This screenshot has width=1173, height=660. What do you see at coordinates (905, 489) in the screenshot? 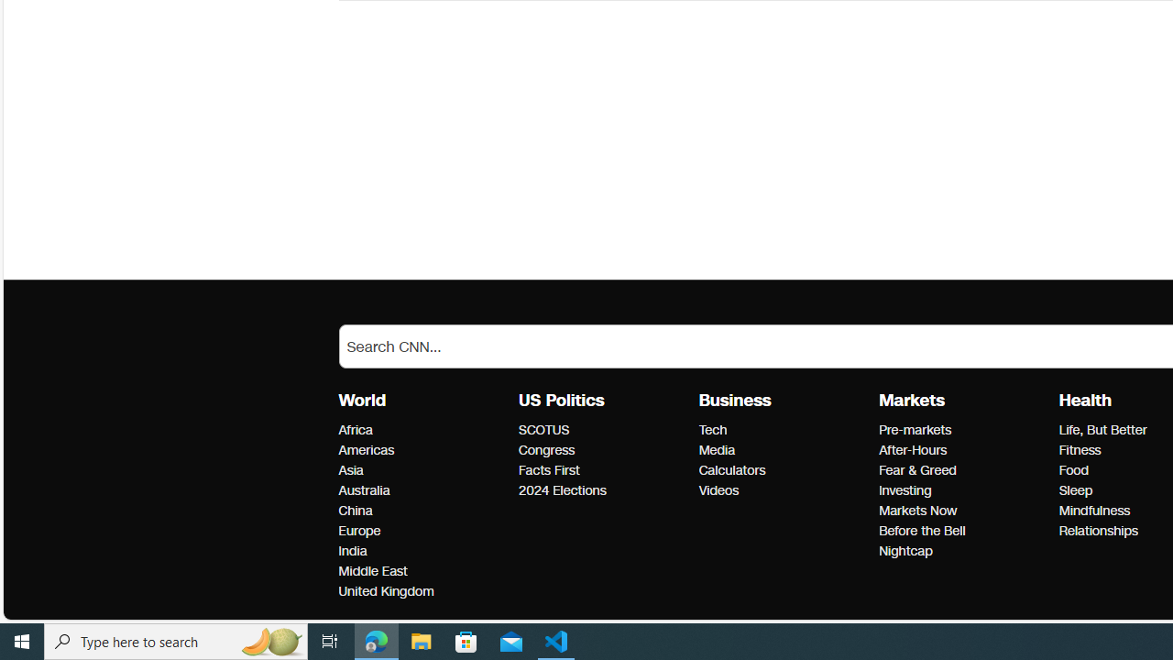
I see `'Markets Investing'` at bounding box center [905, 489].